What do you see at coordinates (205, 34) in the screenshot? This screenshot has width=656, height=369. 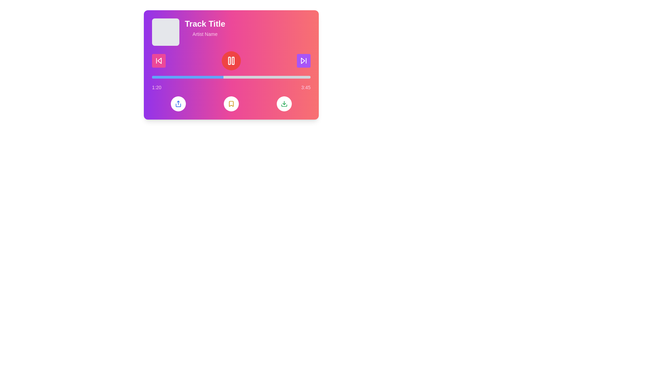 I see `the static text label displaying 'Artist Name', which is styled in pink and is positioned beneath the 'Track Title' in the music player interface` at bounding box center [205, 34].